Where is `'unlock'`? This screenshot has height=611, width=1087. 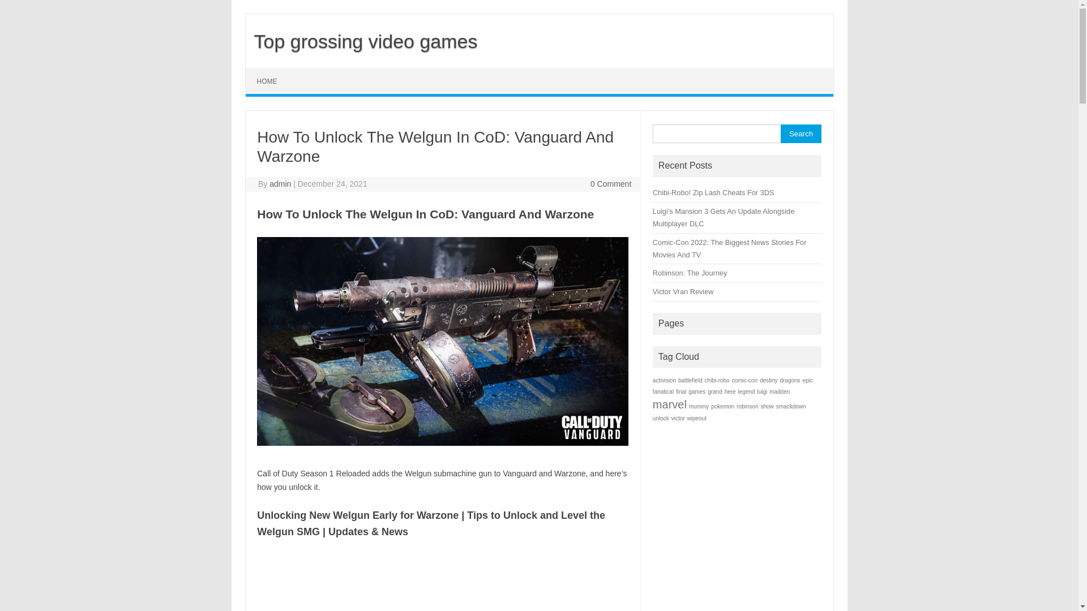 'unlock' is located at coordinates (661, 418).